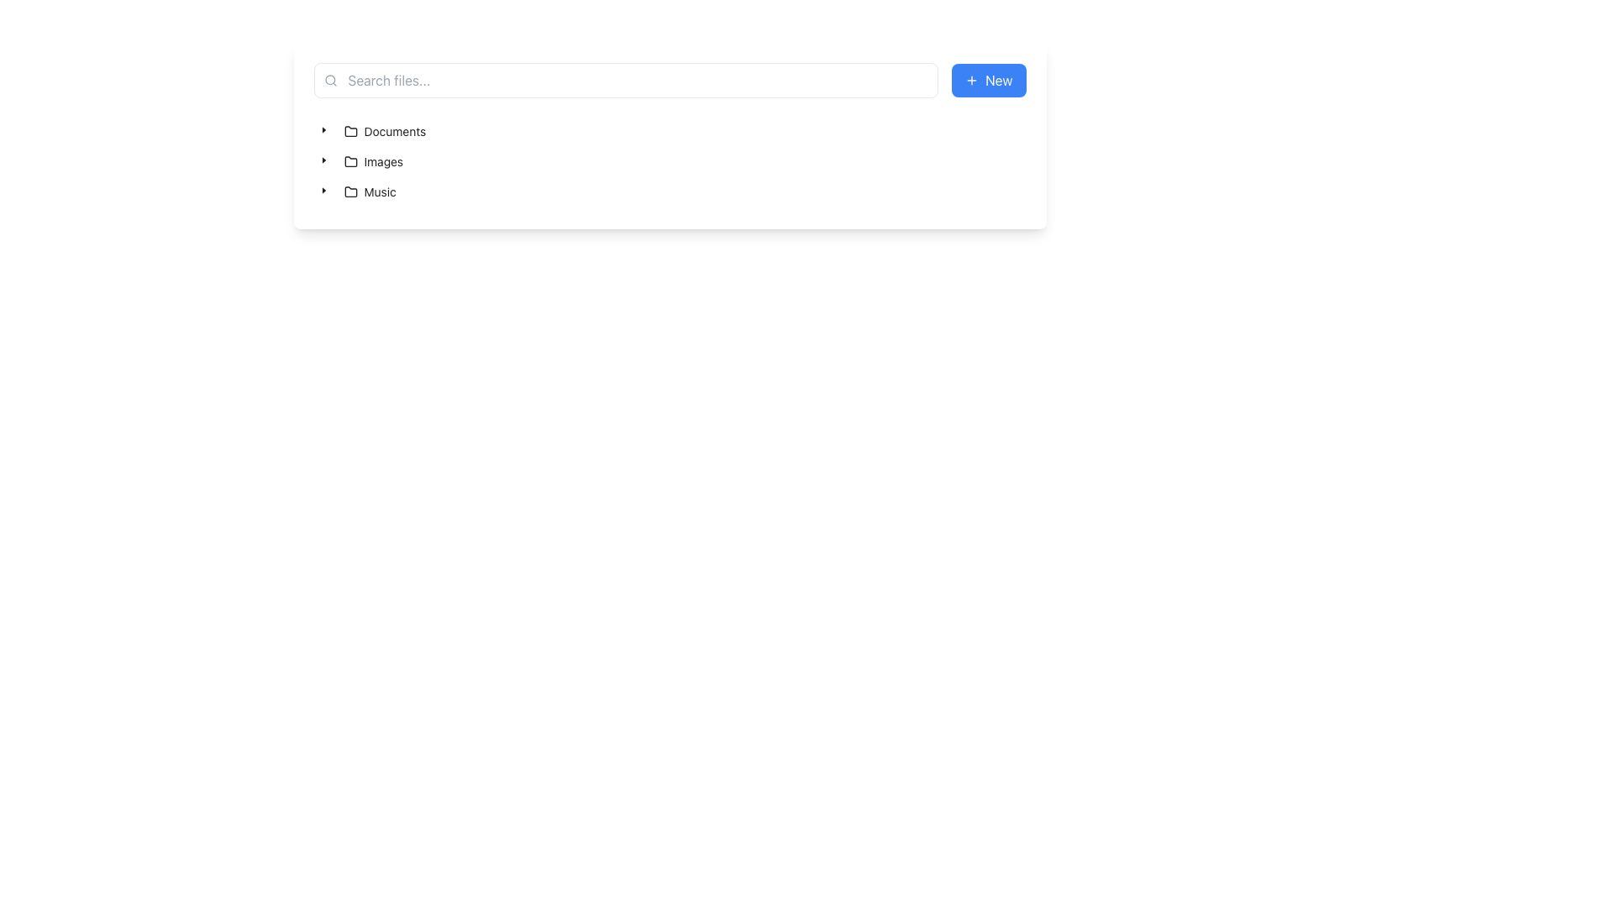  Describe the element at coordinates (360, 161) in the screenshot. I see `the folder icon of the 'Images' tree node` at that location.